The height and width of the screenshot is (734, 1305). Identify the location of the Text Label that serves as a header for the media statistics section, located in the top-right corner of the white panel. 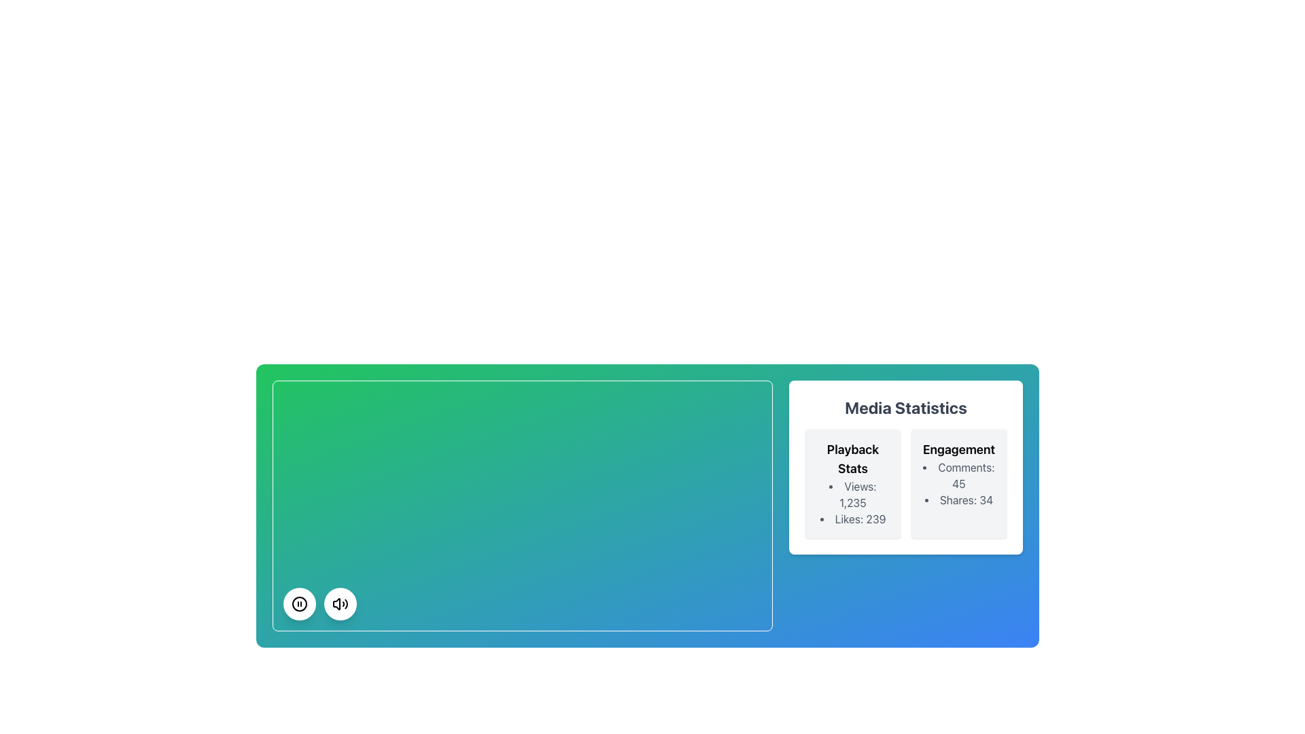
(906, 407).